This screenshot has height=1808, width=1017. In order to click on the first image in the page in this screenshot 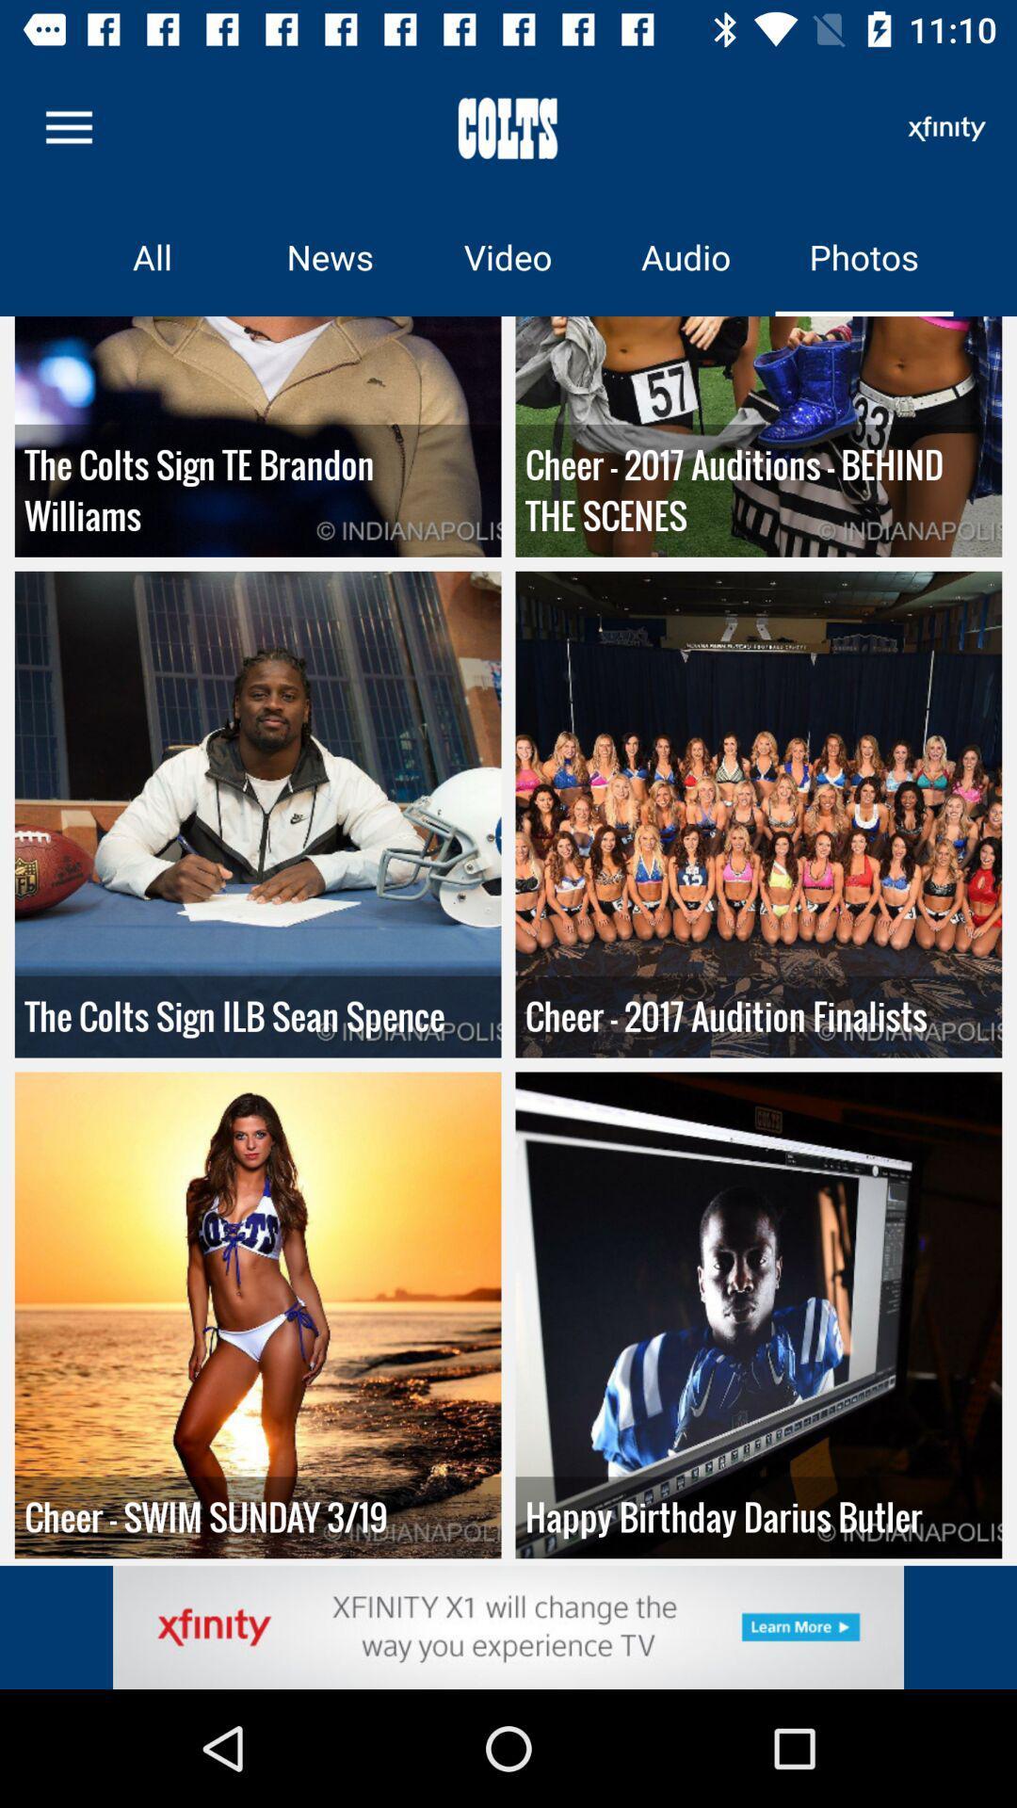, I will do `click(258, 436)`.